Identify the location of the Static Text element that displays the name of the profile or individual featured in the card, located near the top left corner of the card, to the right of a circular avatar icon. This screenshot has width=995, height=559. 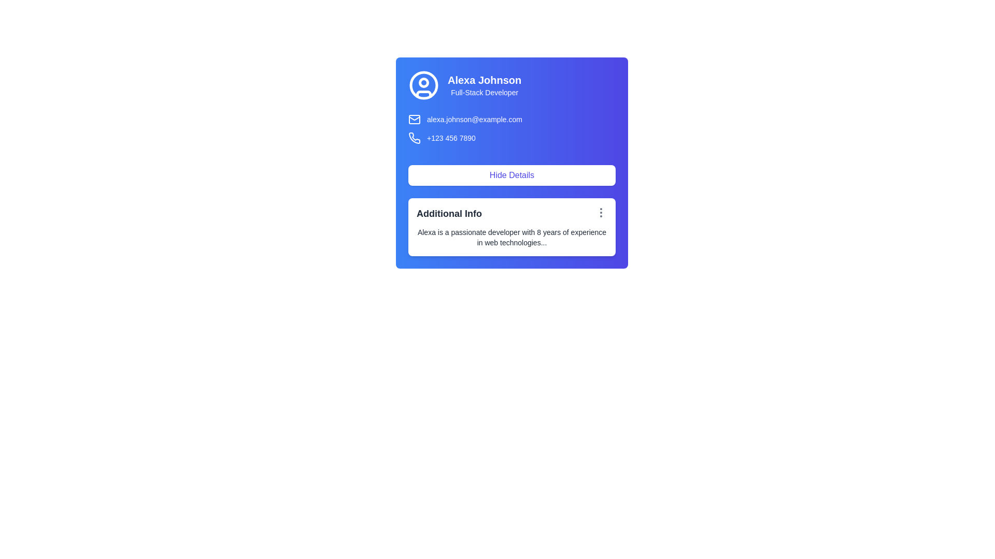
(484, 79).